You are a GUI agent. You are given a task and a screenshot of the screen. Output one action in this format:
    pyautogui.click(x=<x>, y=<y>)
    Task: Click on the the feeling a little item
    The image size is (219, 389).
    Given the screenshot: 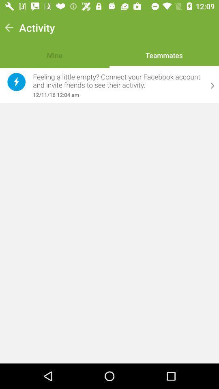 What is the action you would take?
    pyautogui.click(x=118, y=81)
    